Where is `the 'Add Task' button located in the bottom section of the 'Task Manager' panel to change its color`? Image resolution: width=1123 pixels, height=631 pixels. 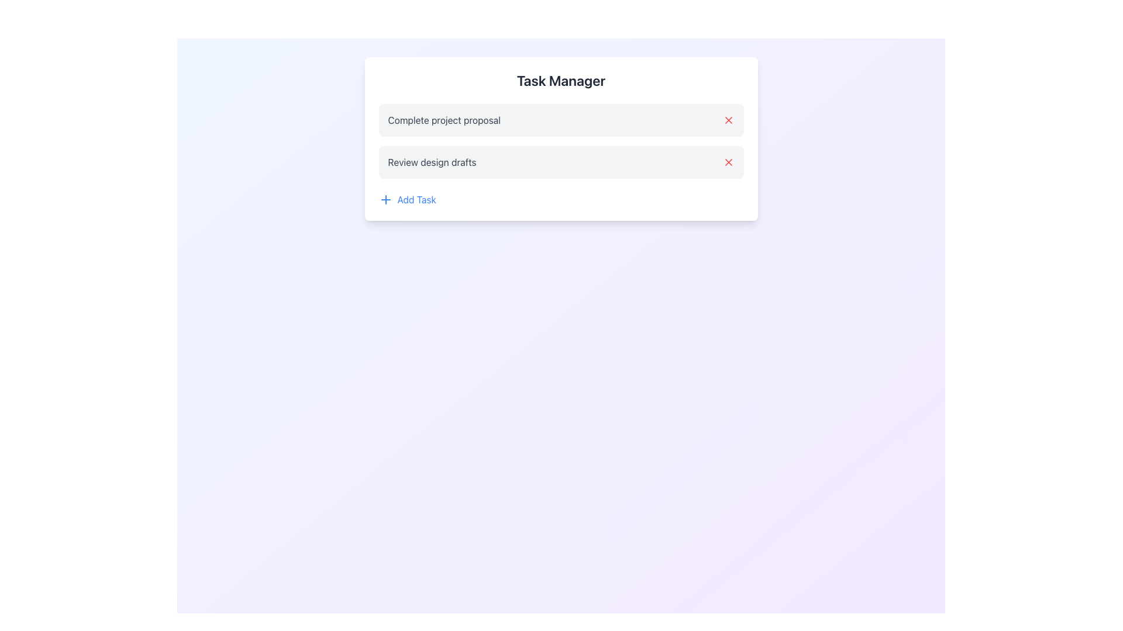
the 'Add Task' button located in the bottom section of the 'Task Manager' panel to change its color is located at coordinates (407, 199).